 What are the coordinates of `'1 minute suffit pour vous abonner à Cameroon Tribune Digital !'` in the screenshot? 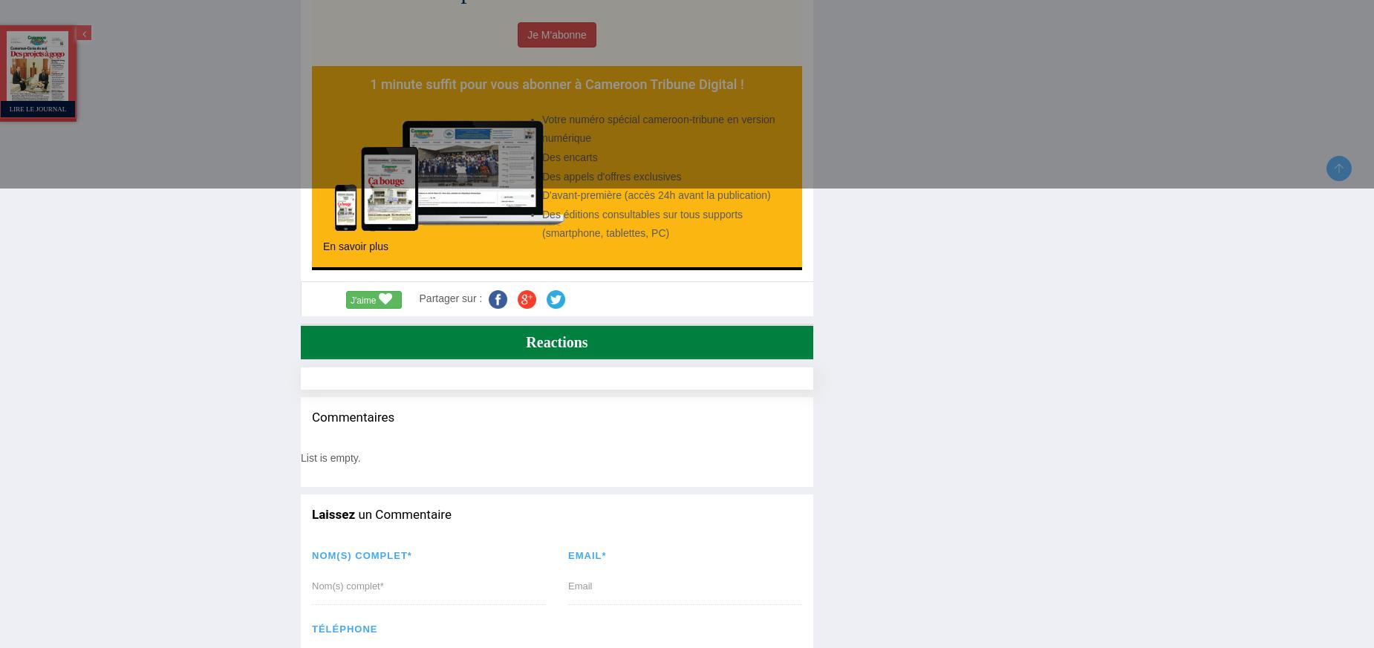 It's located at (370, 83).